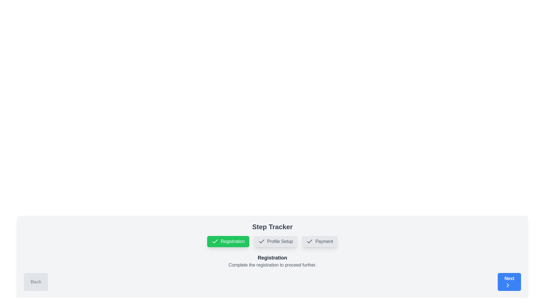 This screenshot has width=539, height=303. I want to click on the 'Profile Setup' step in the horizontal step indicator group, which is the second item out of three, located near the center of the bottom section of the interface, so click(280, 241).